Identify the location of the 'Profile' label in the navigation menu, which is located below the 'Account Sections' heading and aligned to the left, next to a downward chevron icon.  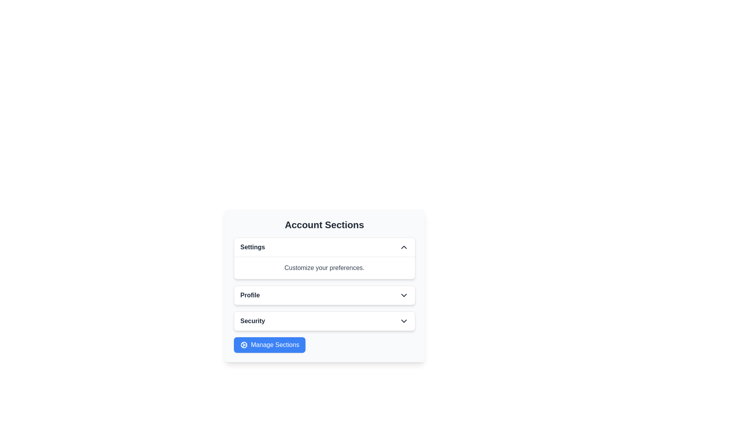
(250, 295).